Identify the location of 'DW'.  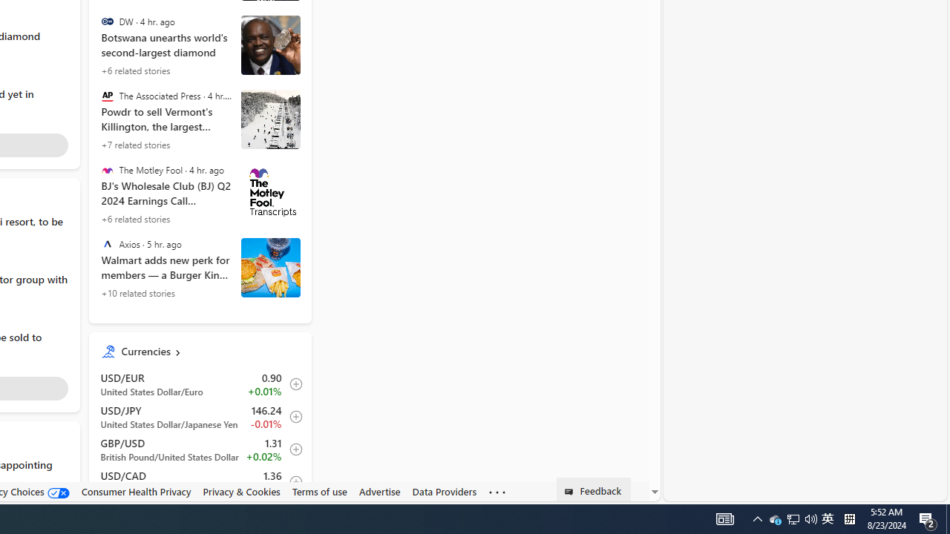
(106, 22).